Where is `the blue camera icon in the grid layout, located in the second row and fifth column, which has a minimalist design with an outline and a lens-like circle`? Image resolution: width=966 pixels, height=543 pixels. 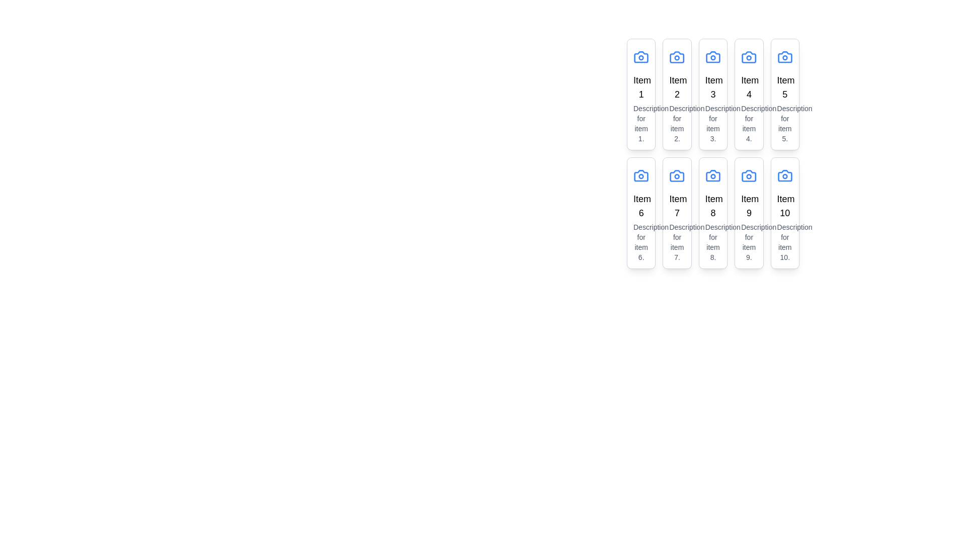
the blue camera icon in the grid layout, located in the second row and fifth column, which has a minimalist design with an outline and a lens-like circle is located at coordinates (784, 175).